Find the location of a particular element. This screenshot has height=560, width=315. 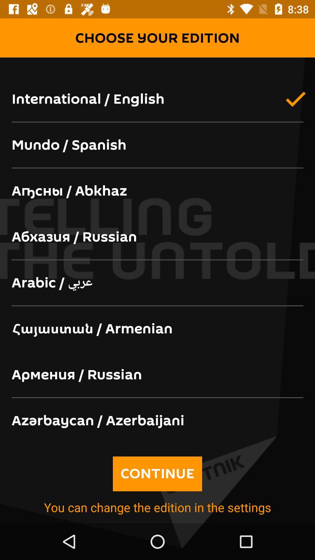

mundo / spanish app is located at coordinates (157, 145).